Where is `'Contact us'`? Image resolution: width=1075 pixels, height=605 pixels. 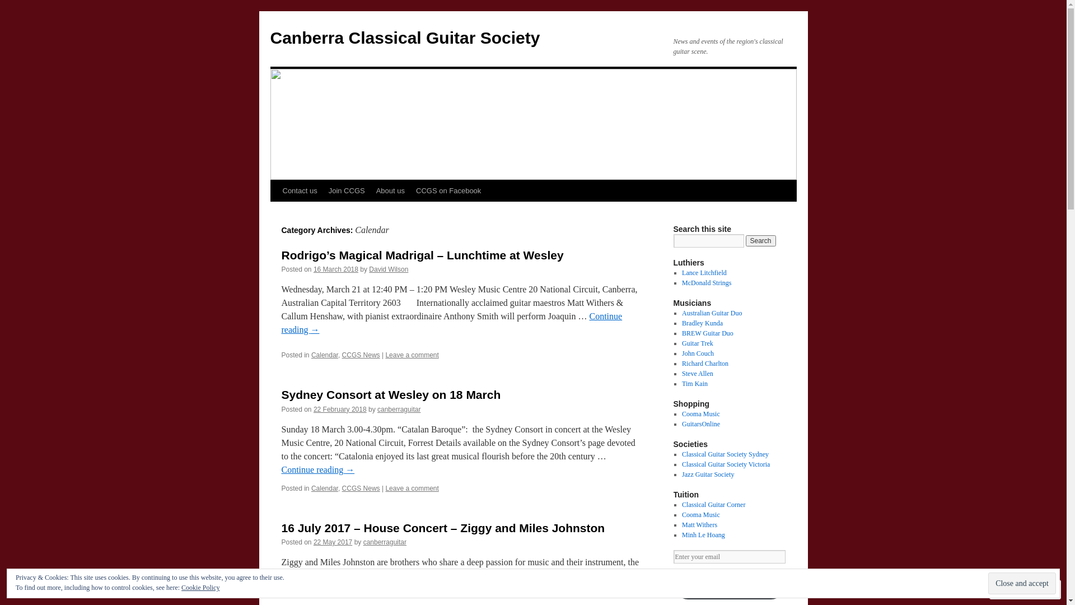
'Contact us' is located at coordinates (299, 190).